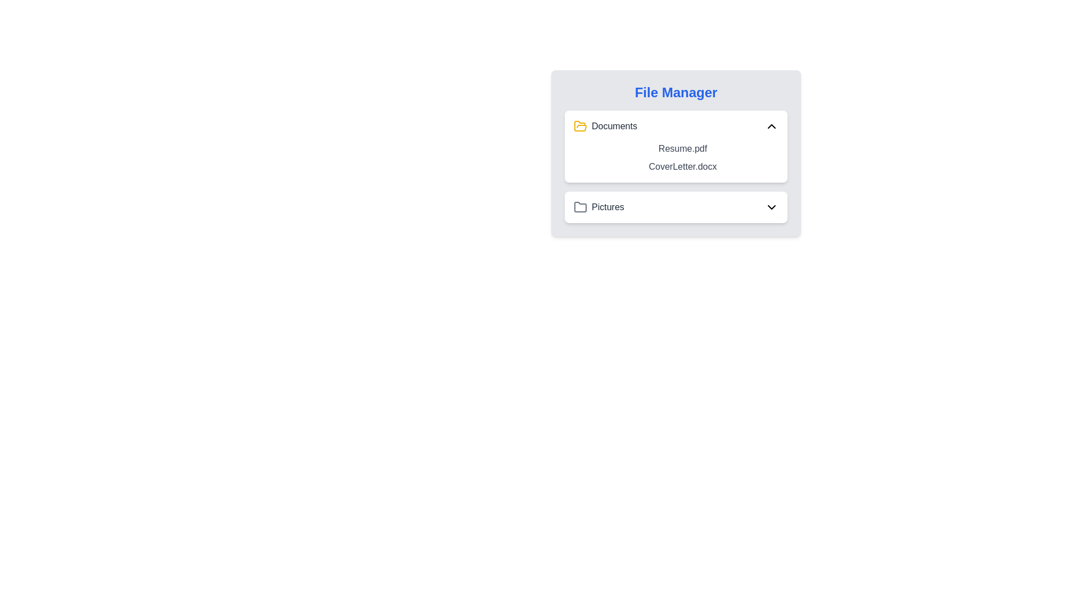 This screenshot has height=607, width=1080. What do you see at coordinates (580, 206) in the screenshot?
I see `the folder icon styled as an outline with rounded corners, located within the file manager interface next to the 'Pictures' label` at bounding box center [580, 206].